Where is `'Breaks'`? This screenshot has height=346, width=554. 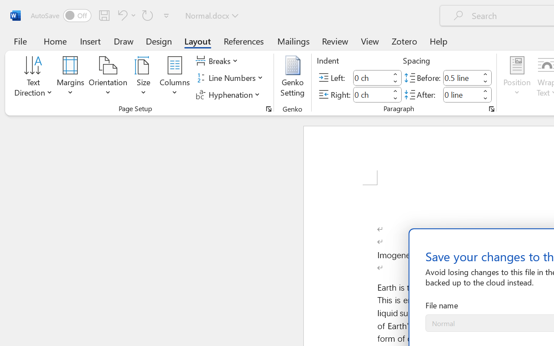 'Breaks' is located at coordinates (218, 61).